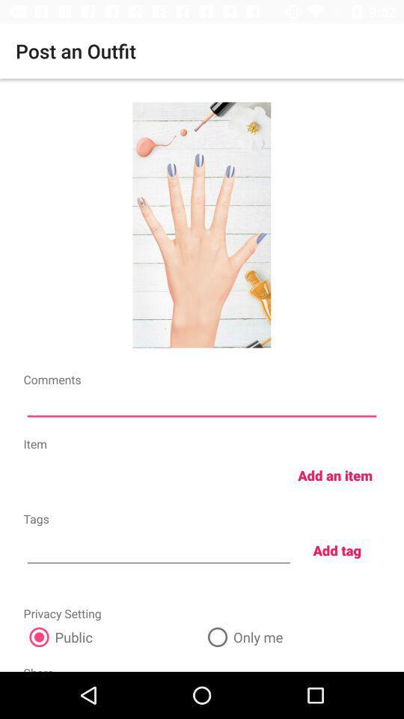 The width and height of the screenshot is (404, 719). What do you see at coordinates (291, 636) in the screenshot?
I see `the icon to the right of public icon` at bounding box center [291, 636].